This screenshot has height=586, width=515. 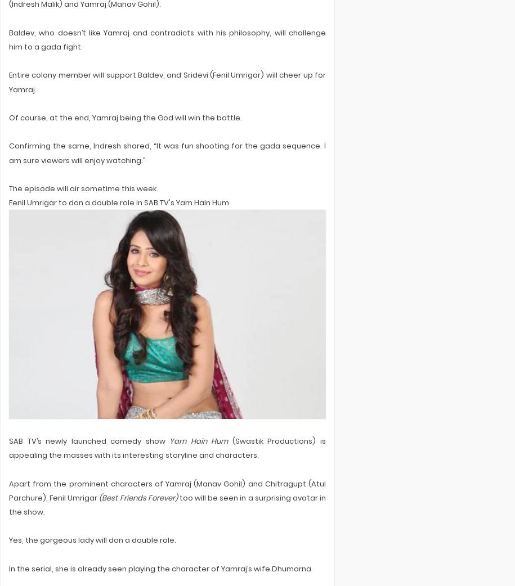 I want to click on 'The episode will air sometime this week.', so click(x=83, y=188).